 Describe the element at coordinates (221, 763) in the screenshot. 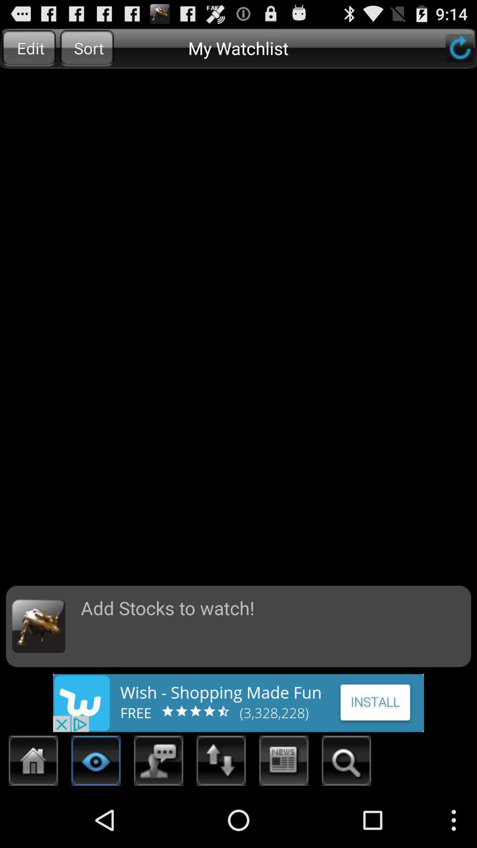

I see `ascending/descending sort` at that location.